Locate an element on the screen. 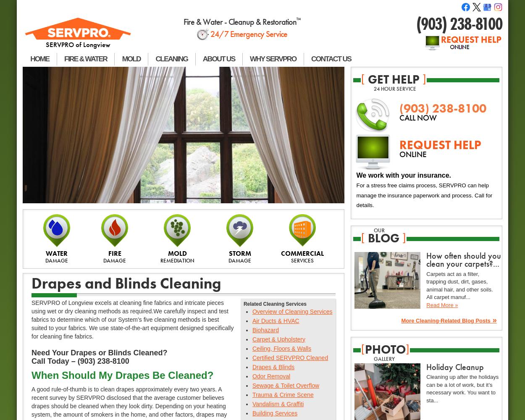 This screenshot has height=420, width=525. 'WATER' is located at coordinates (45, 253).